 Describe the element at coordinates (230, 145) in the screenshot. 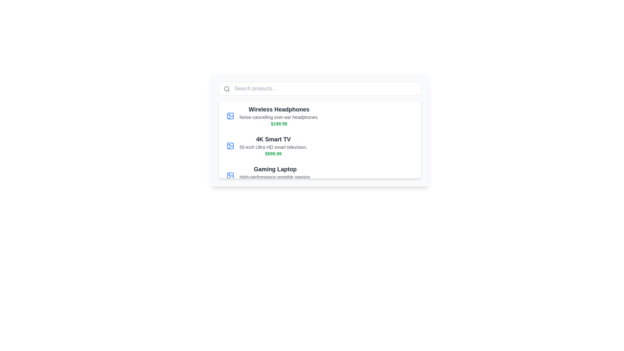

I see `properties of the graphical icon component, which is a rounded rectangle or square with a solid border, located near the top-left section of the icon adjacent to the '4K Smart TV' text` at that location.